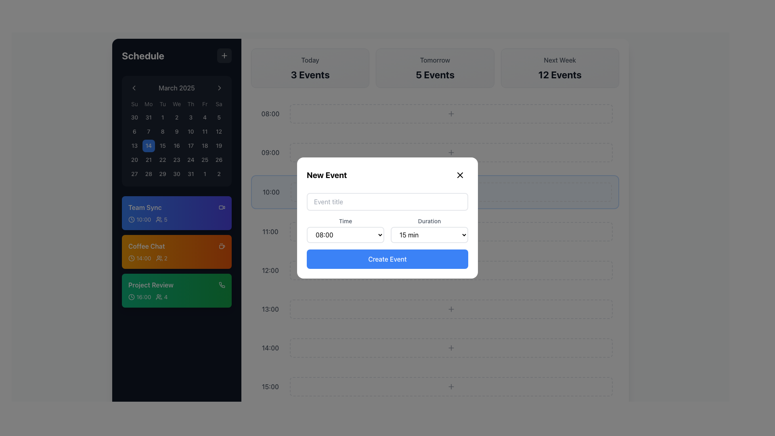 This screenshot has width=775, height=436. What do you see at coordinates (219, 160) in the screenshot?
I see `the square-shaped button labeled '26' located` at bounding box center [219, 160].